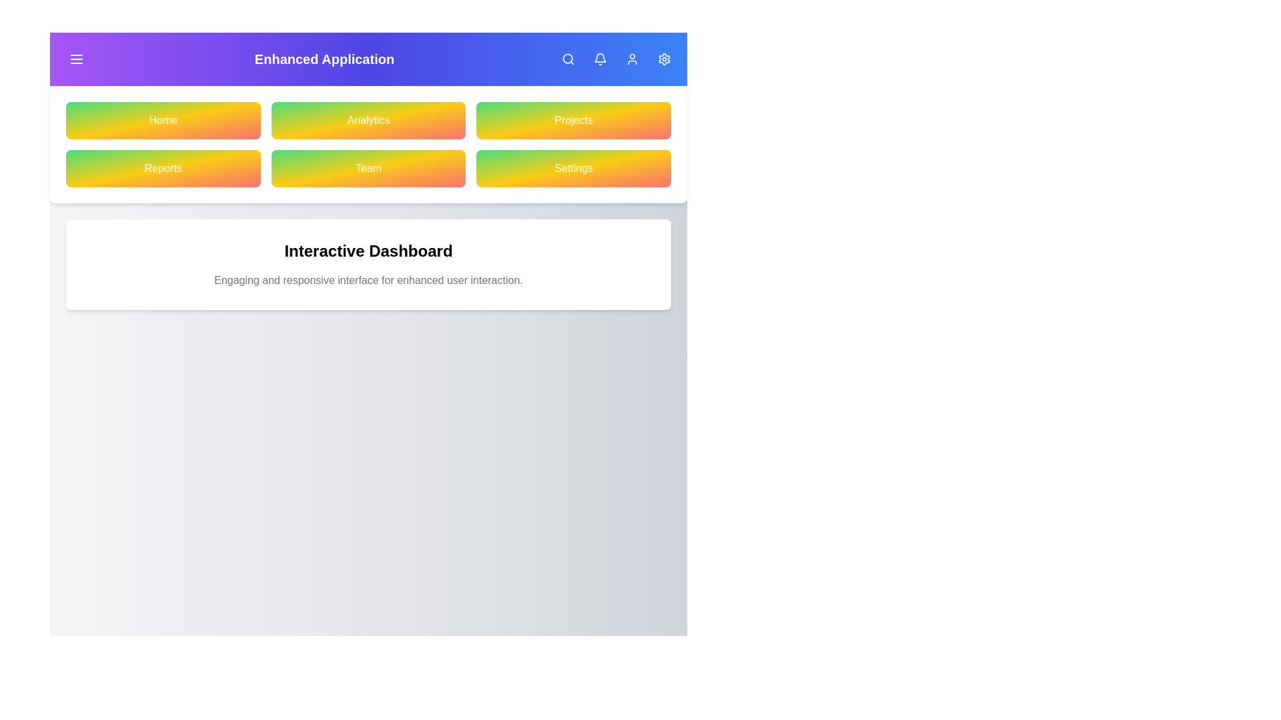 This screenshot has height=720, width=1281. Describe the element at coordinates (568, 58) in the screenshot. I see `the Search header icon` at that location.